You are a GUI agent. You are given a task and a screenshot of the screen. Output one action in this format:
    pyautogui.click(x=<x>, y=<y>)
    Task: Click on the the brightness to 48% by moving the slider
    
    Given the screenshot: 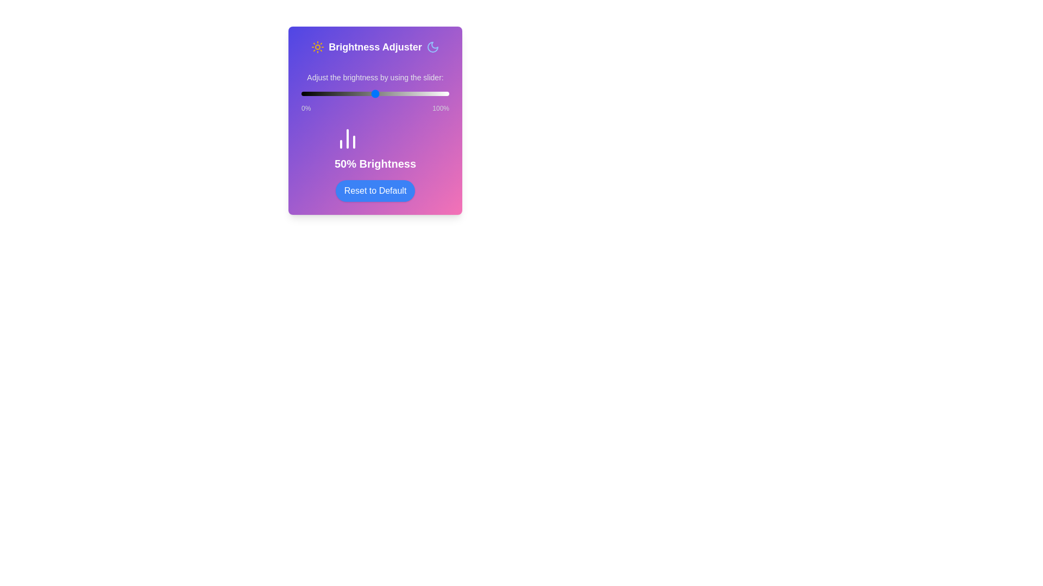 What is the action you would take?
    pyautogui.click(x=372, y=93)
    